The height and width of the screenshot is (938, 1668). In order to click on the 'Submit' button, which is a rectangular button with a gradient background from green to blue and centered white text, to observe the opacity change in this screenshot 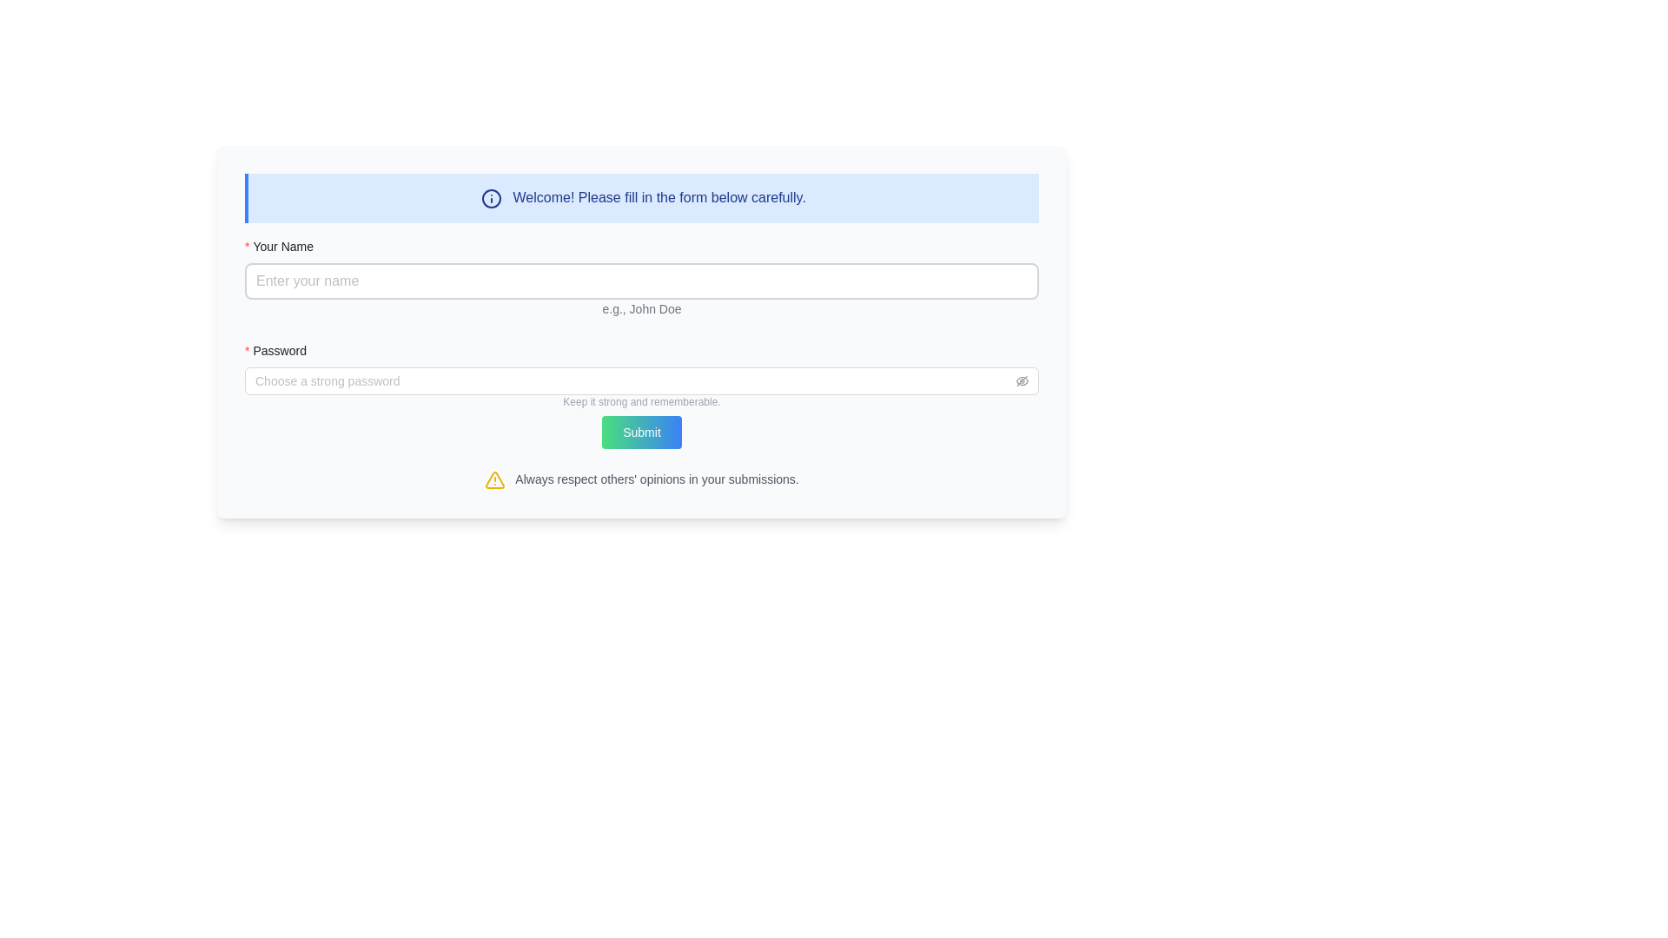, I will do `click(641, 431)`.